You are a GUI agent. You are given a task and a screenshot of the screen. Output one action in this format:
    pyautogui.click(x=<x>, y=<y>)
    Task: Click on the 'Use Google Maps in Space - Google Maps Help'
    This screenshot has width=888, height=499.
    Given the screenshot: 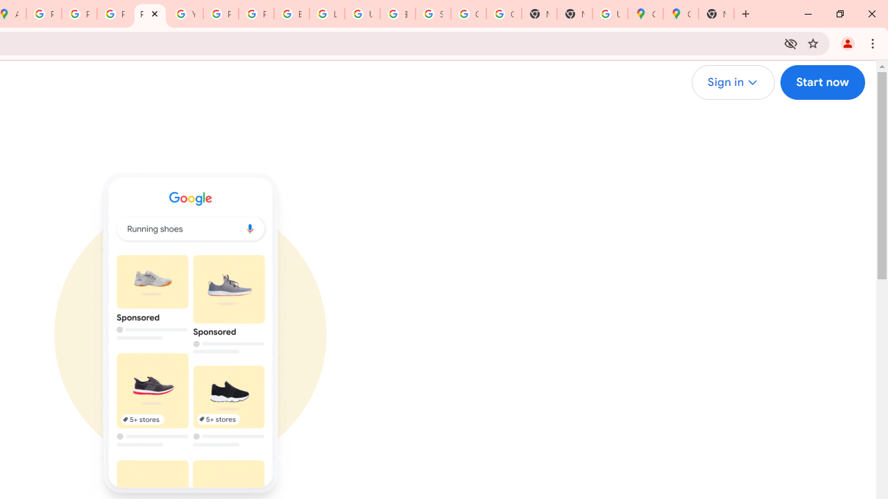 What is the action you would take?
    pyautogui.click(x=610, y=14)
    